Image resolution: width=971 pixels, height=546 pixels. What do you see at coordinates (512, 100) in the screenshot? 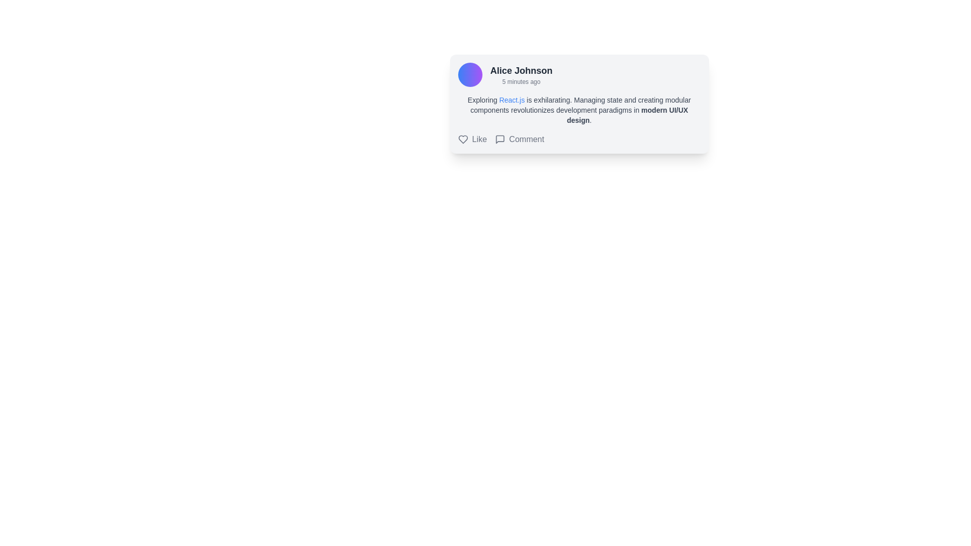
I see `the hyperlink that redirects to the React.js official website, embedded in the sentence starting with 'Exploring React.js is exhilarating.'` at bounding box center [512, 100].